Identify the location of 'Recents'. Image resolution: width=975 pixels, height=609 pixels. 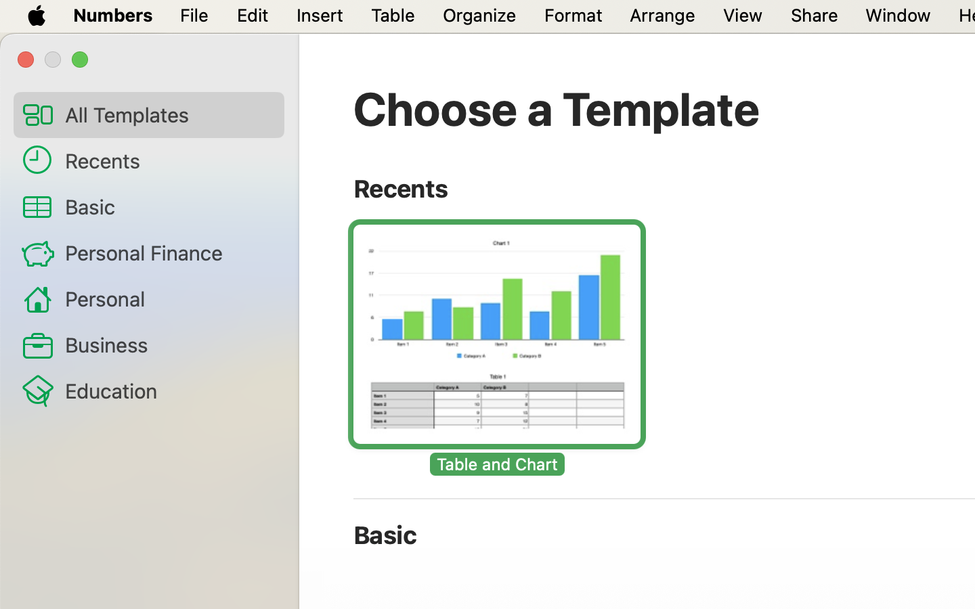
(168, 159).